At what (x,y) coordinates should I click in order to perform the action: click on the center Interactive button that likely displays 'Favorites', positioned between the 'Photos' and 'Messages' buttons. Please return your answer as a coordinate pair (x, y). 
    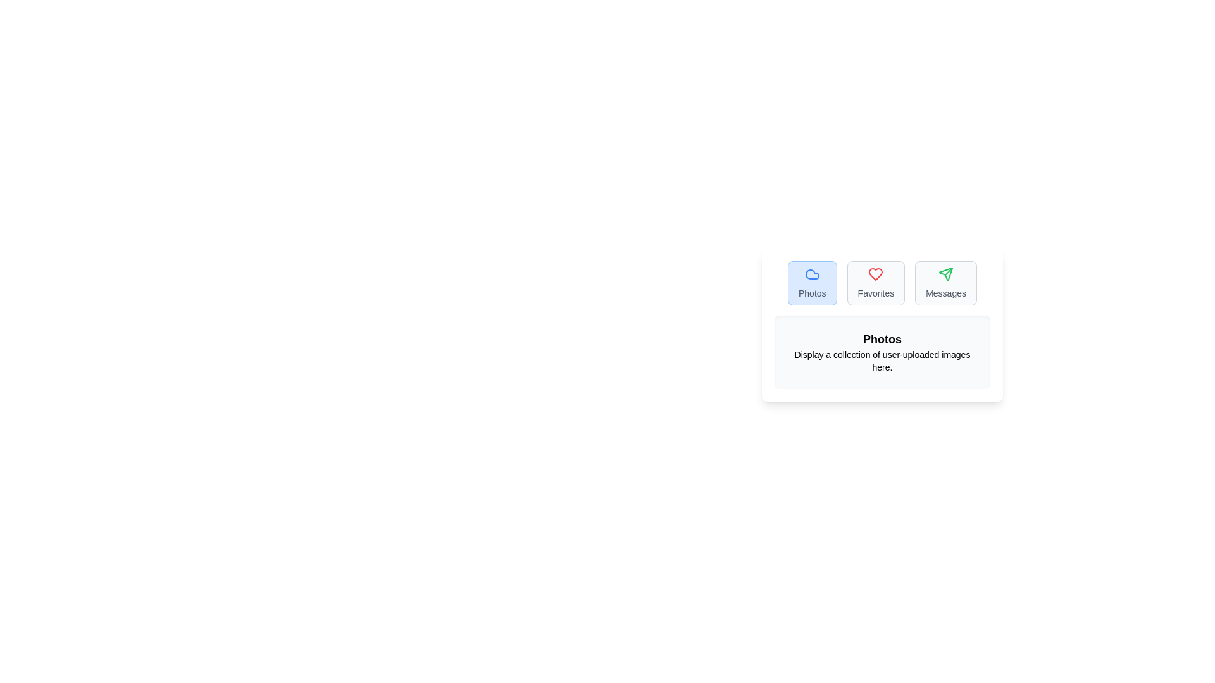
    Looking at the image, I should click on (875, 282).